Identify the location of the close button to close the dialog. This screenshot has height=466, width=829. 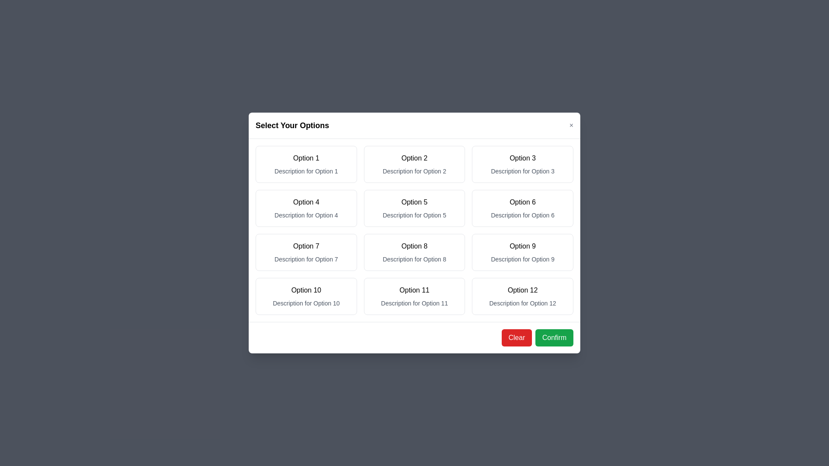
(571, 125).